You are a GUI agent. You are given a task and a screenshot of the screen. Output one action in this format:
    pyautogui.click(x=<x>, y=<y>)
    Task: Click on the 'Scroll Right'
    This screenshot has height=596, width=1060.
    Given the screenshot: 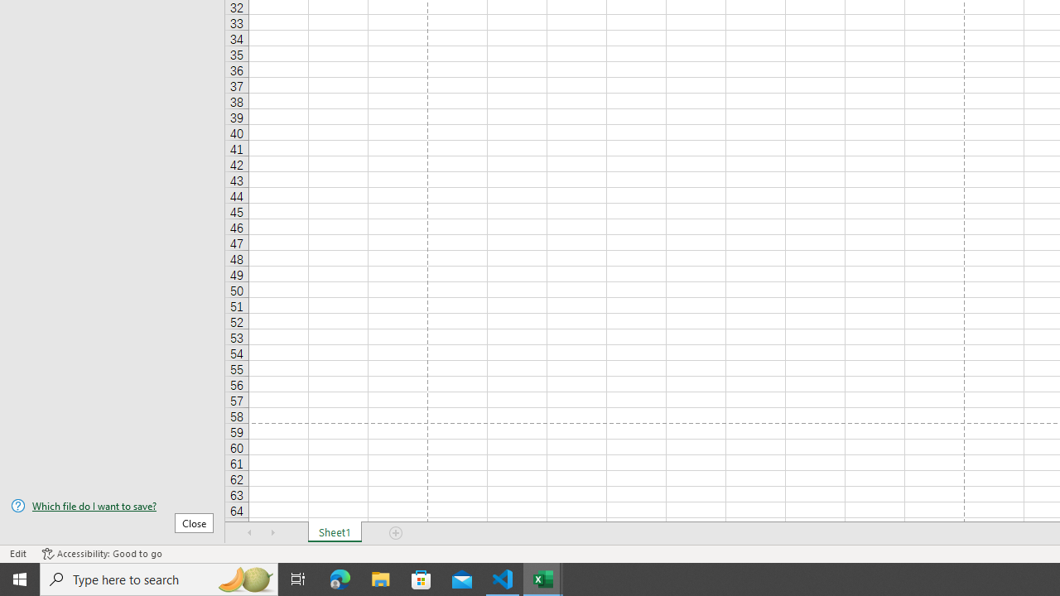 What is the action you would take?
    pyautogui.click(x=273, y=533)
    